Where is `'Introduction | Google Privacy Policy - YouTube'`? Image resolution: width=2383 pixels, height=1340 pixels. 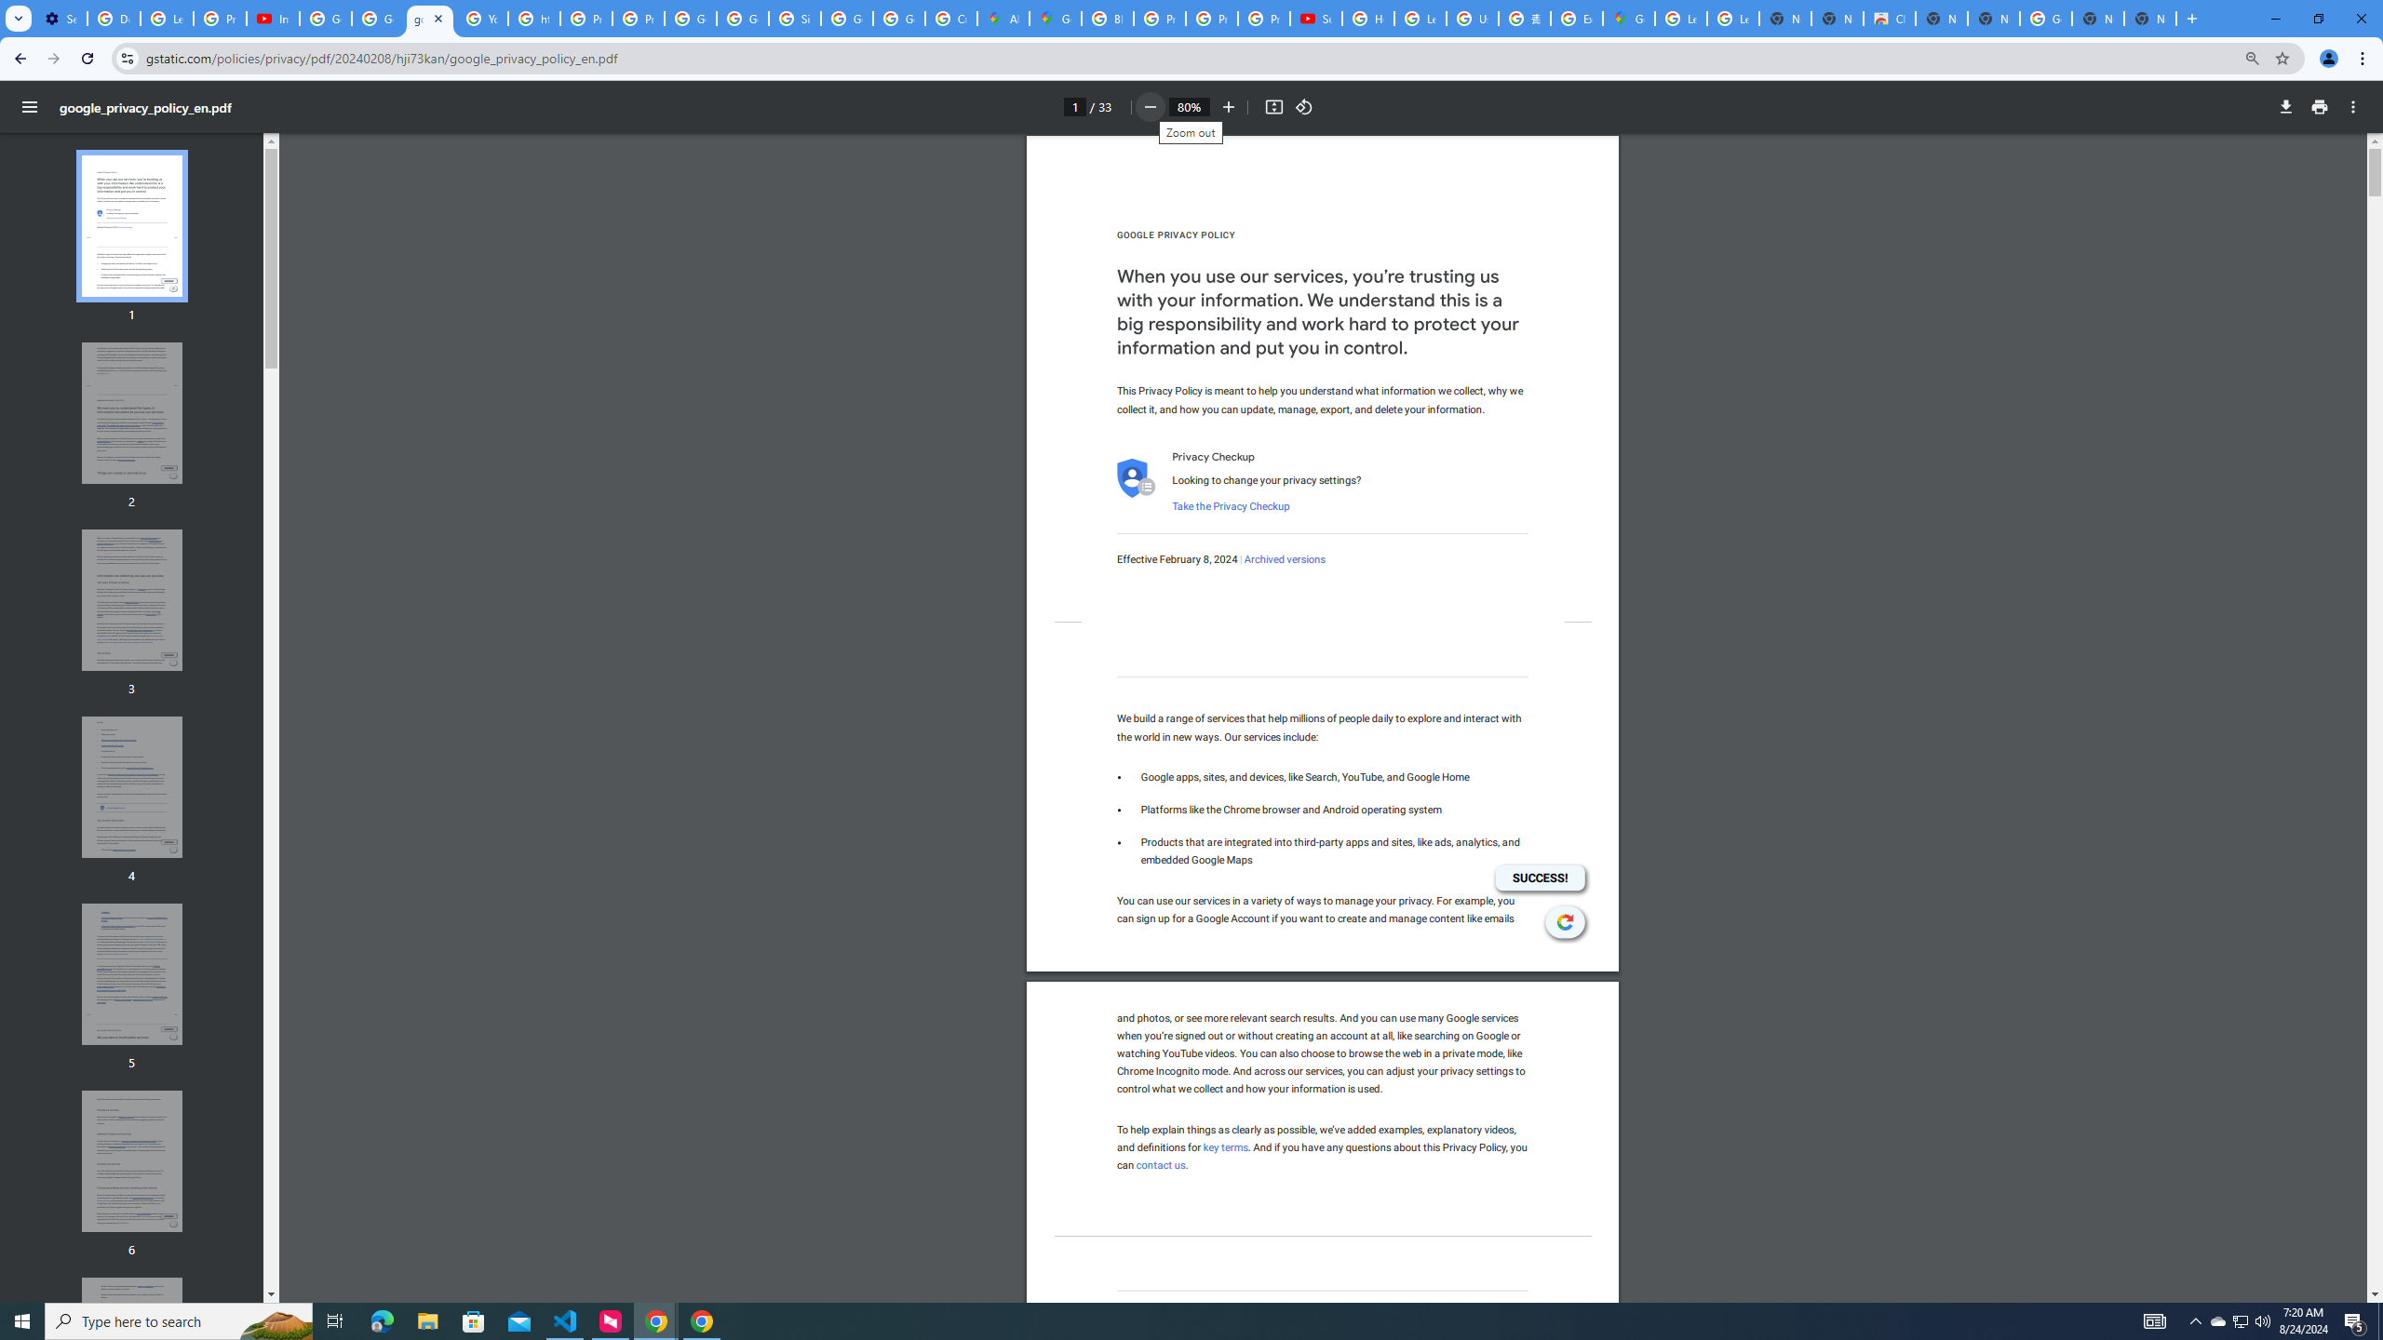 'Introduction | Google Privacy Policy - YouTube' is located at coordinates (273, 18).